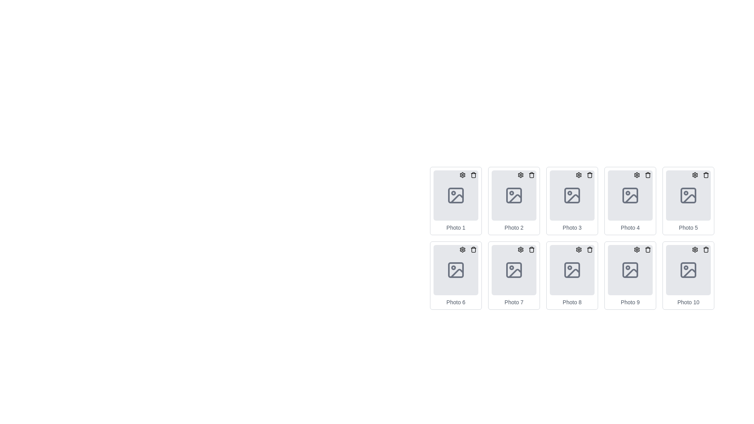  Describe the element at coordinates (514, 275) in the screenshot. I see `the 'Photo 7' card located in the second row, second column of the grid layout` at that location.